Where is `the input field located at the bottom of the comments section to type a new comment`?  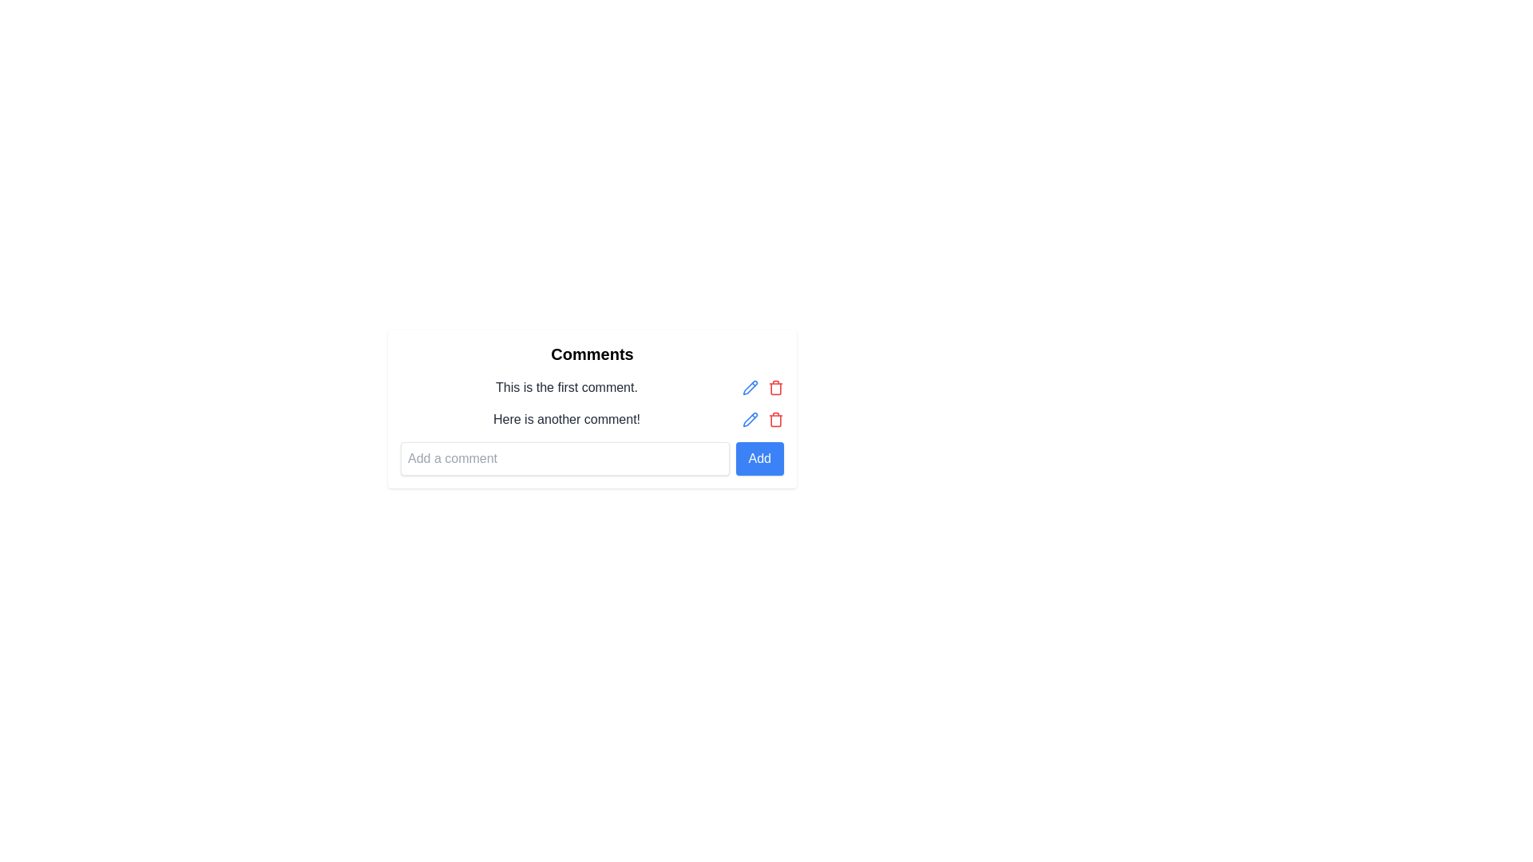
the input field located at the bottom of the comments section to type a new comment is located at coordinates (592, 458).